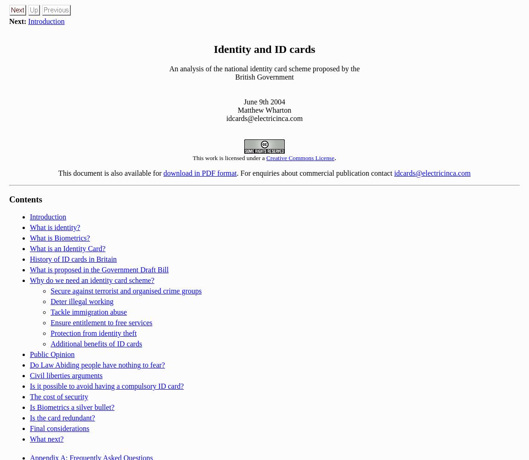 The height and width of the screenshot is (460, 529). What do you see at coordinates (59, 238) in the screenshot?
I see `'What is Biometrics?'` at bounding box center [59, 238].